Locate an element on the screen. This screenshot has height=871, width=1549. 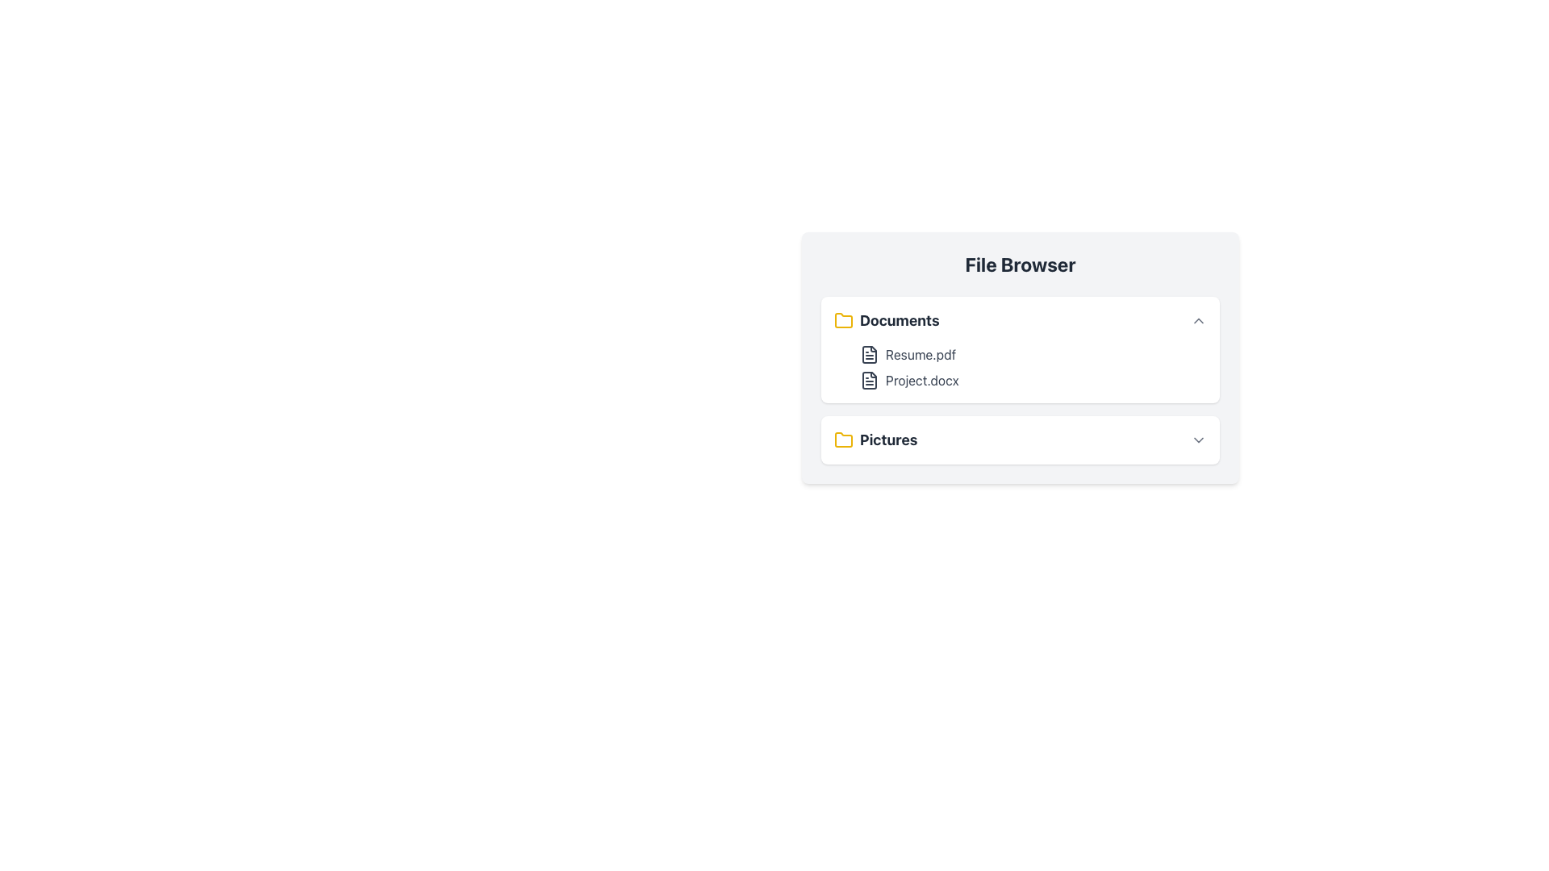
text of the label representing the folder in the 'File Browser' interface, located to the right of the yellow folder icon is located at coordinates (899, 320).